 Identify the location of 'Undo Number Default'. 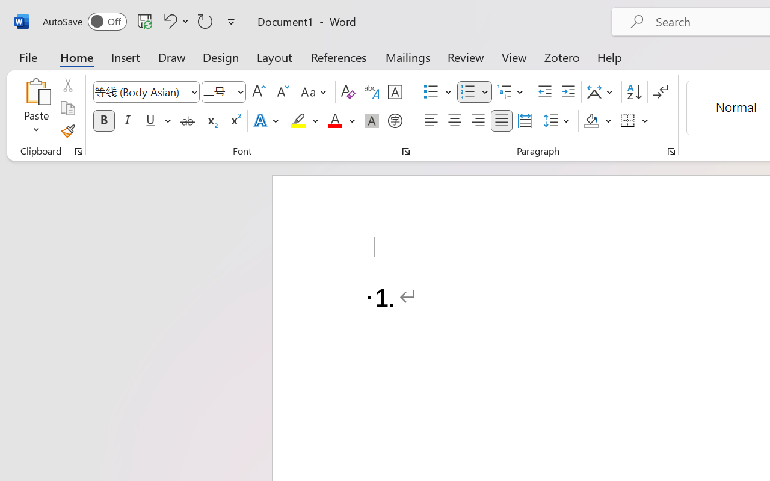
(168, 20).